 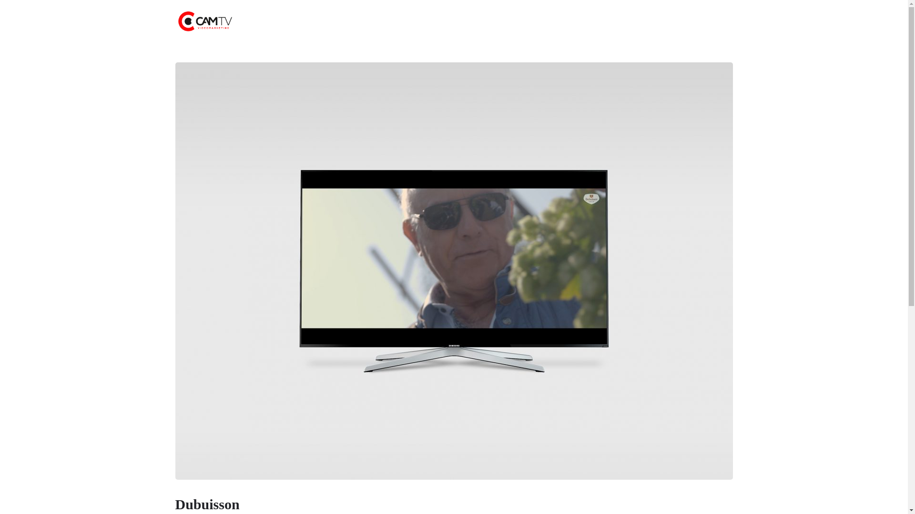 What do you see at coordinates (438, 21) in the screenshot?
I see `'SOCIALE MEDIA'` at bounding box center [438, 21].